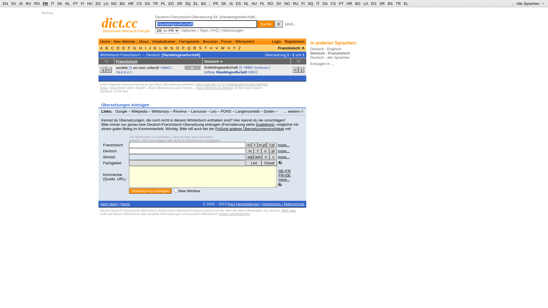 The width and height of the screenshot is (548, 308). I want to click on 'f', so click(257, 151).